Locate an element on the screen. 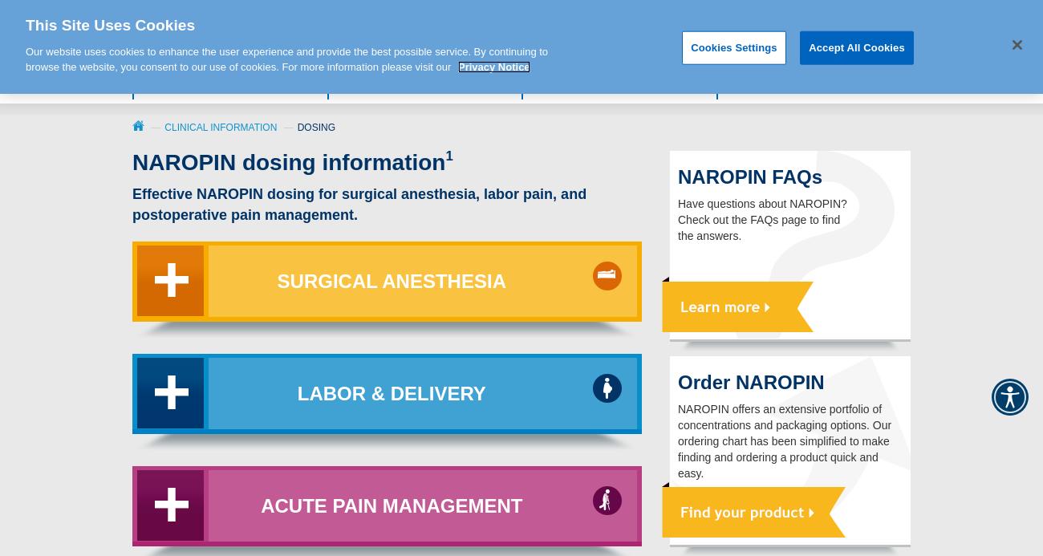 The width and height of the screenshot is (1043, 556). 'Order NAROPIN' is located at coordinates (751, 381).